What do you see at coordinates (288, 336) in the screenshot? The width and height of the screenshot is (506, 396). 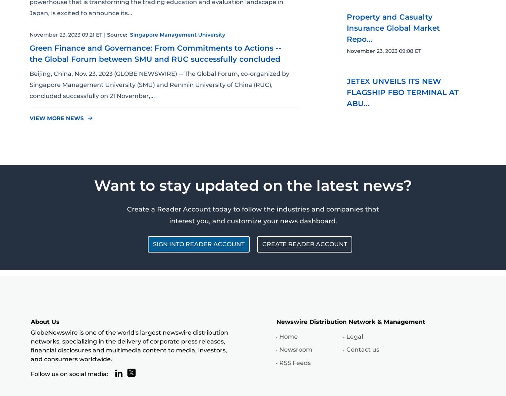 I see `'Home'` at bounding box center [288, 336].